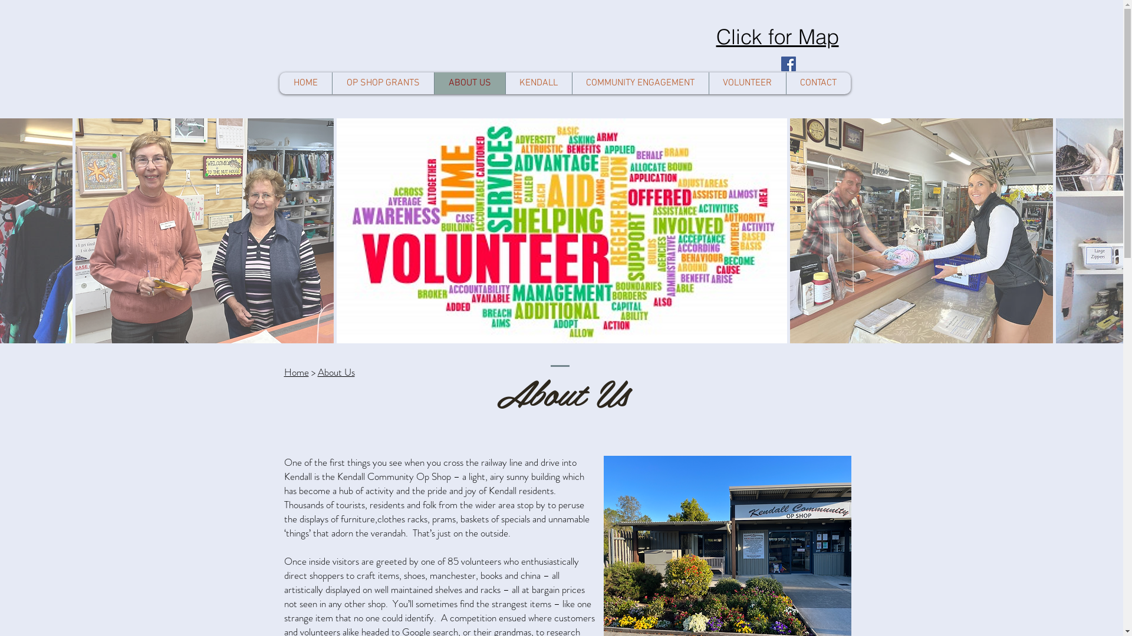  I want to click on 'ABOUT US', so click(469, 82).